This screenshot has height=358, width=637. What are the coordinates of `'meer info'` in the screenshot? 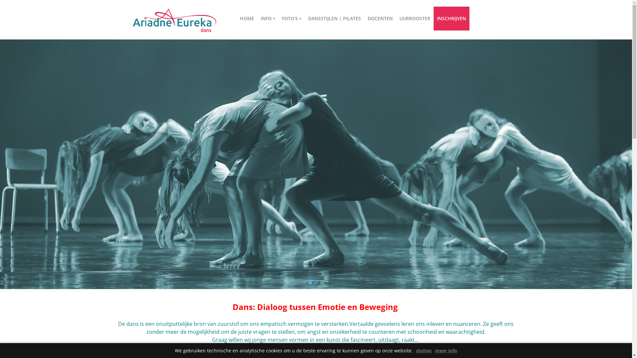 It's located at (446, 350).